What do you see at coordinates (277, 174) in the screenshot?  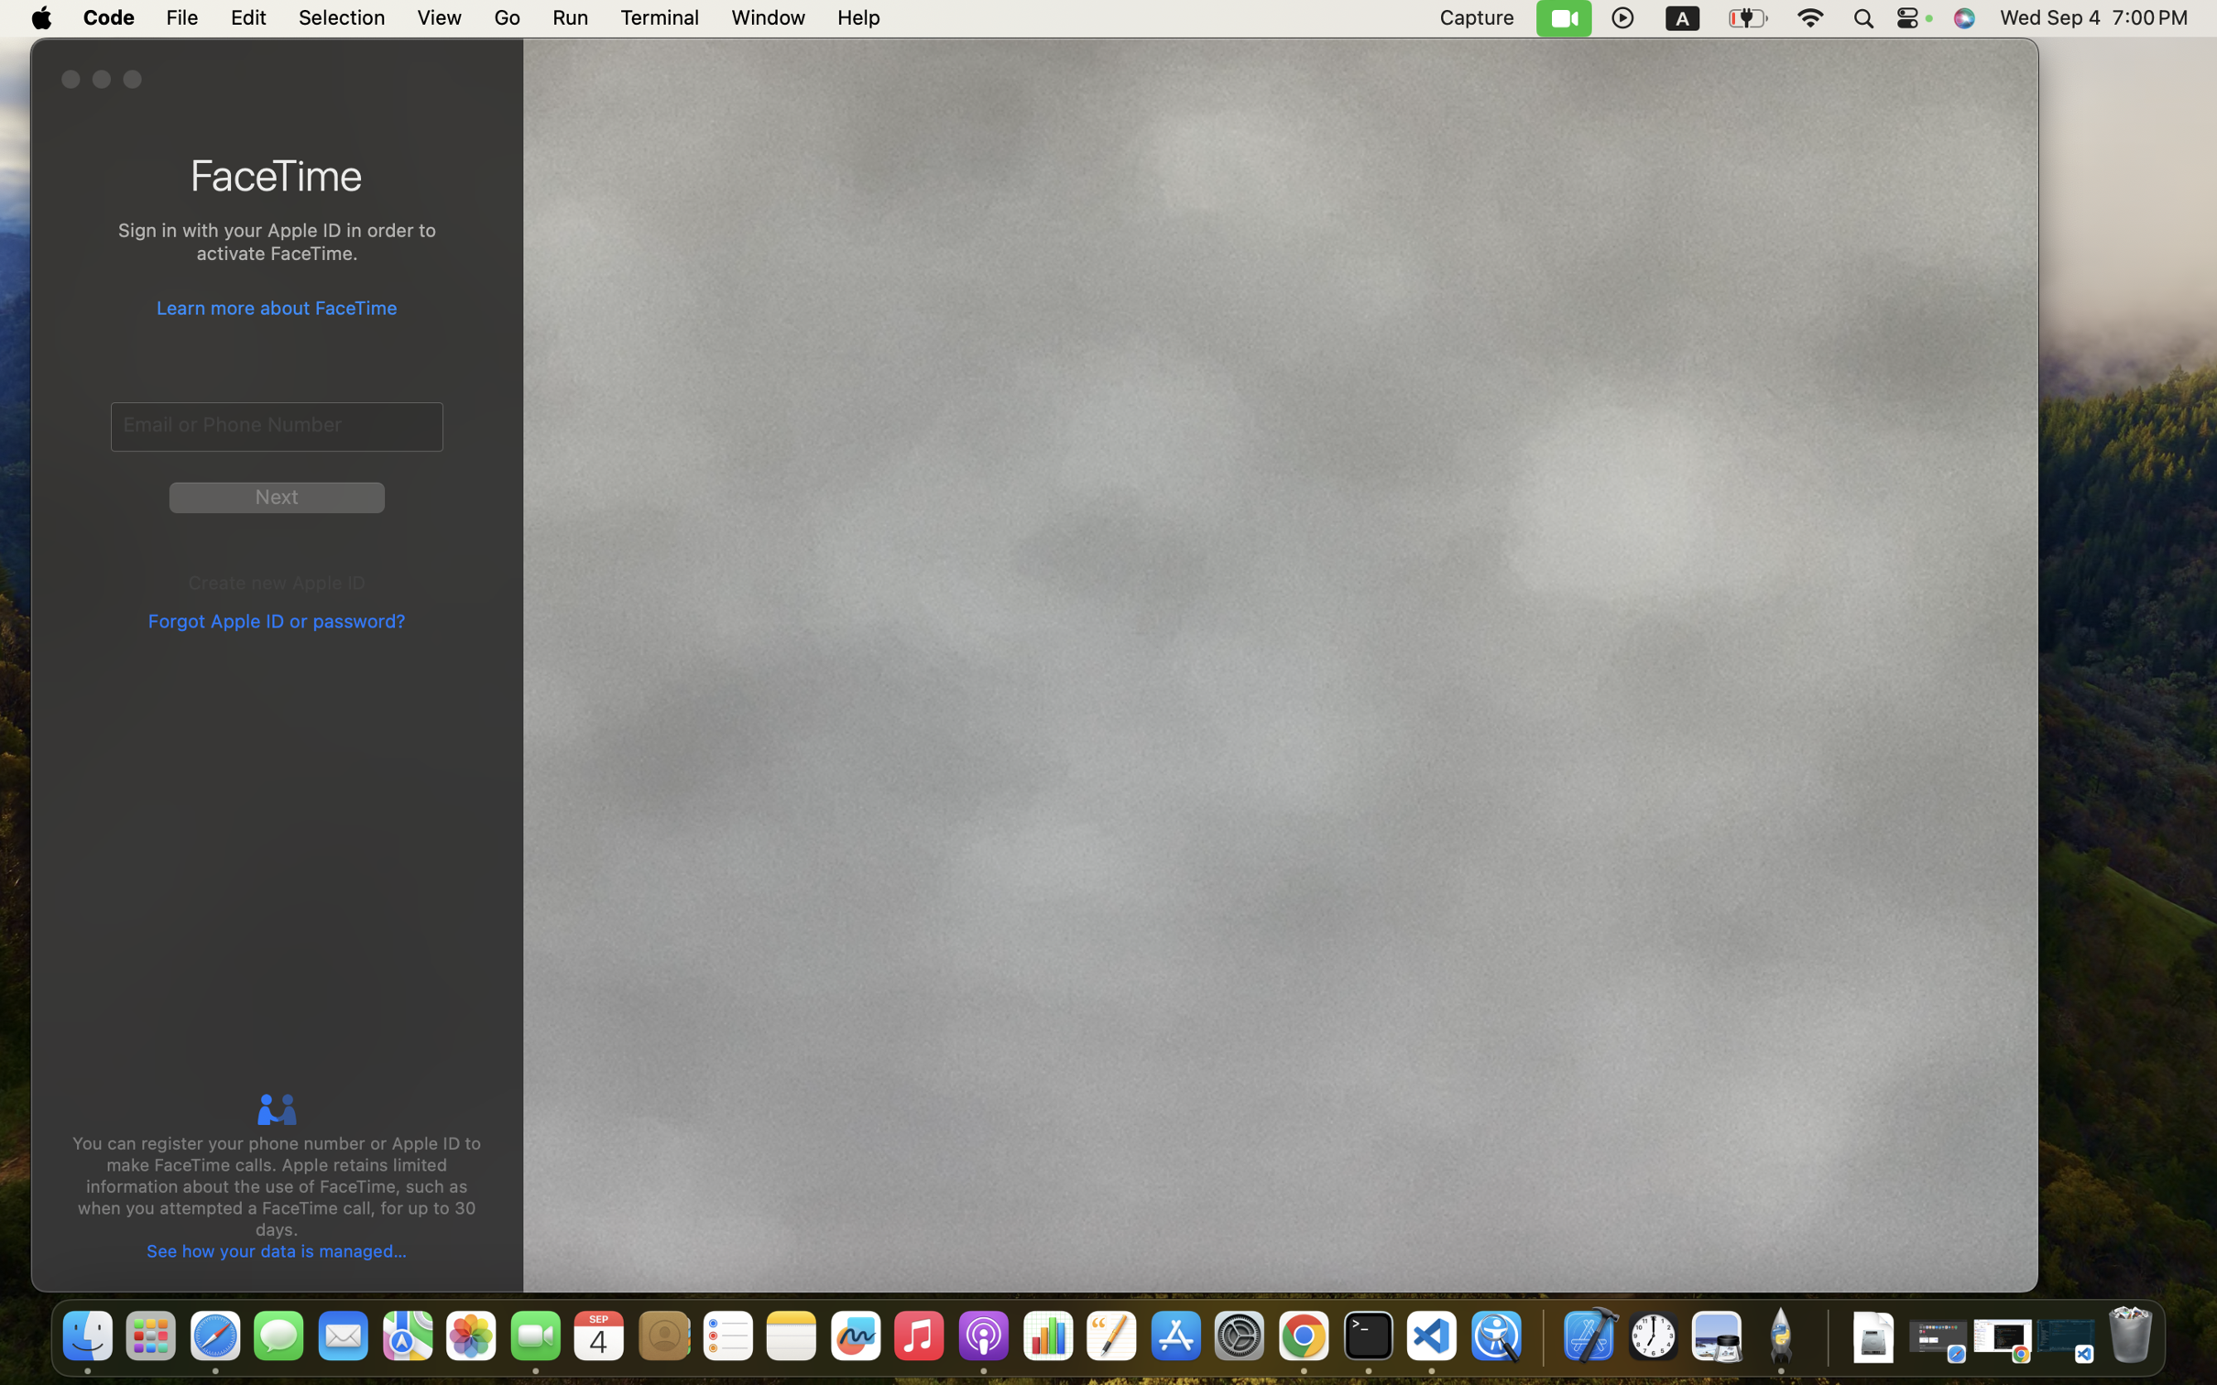 I see `'FaceTime'` at bounding box center [277, 174].